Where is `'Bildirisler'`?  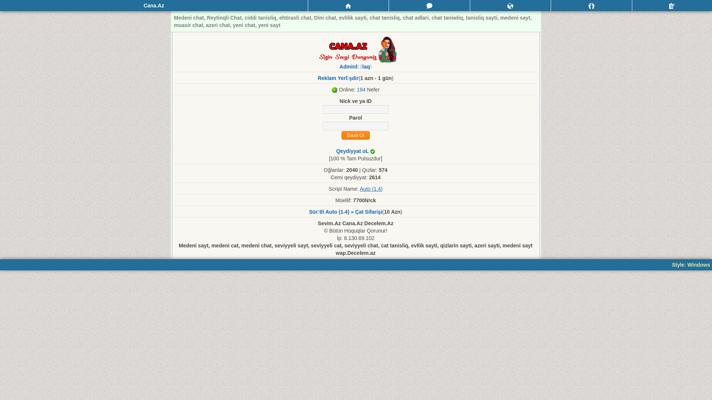 'Bildirisler' is located at coordinates (469, 6).